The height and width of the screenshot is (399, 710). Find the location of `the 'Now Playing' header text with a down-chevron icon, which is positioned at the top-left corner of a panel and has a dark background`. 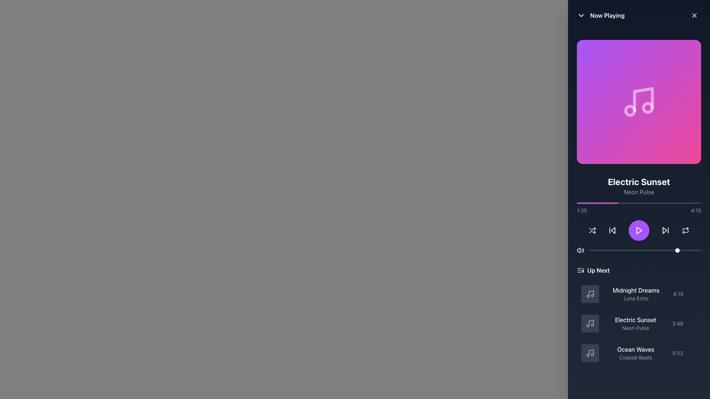

the 'Now Playing' header text with a down-chevron icon, which is positioned at the top-left corner of a panel and has a dark background is located at coordinates (601, 16).